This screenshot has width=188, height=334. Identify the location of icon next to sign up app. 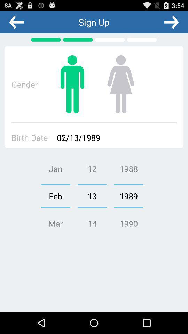
(171, 22).